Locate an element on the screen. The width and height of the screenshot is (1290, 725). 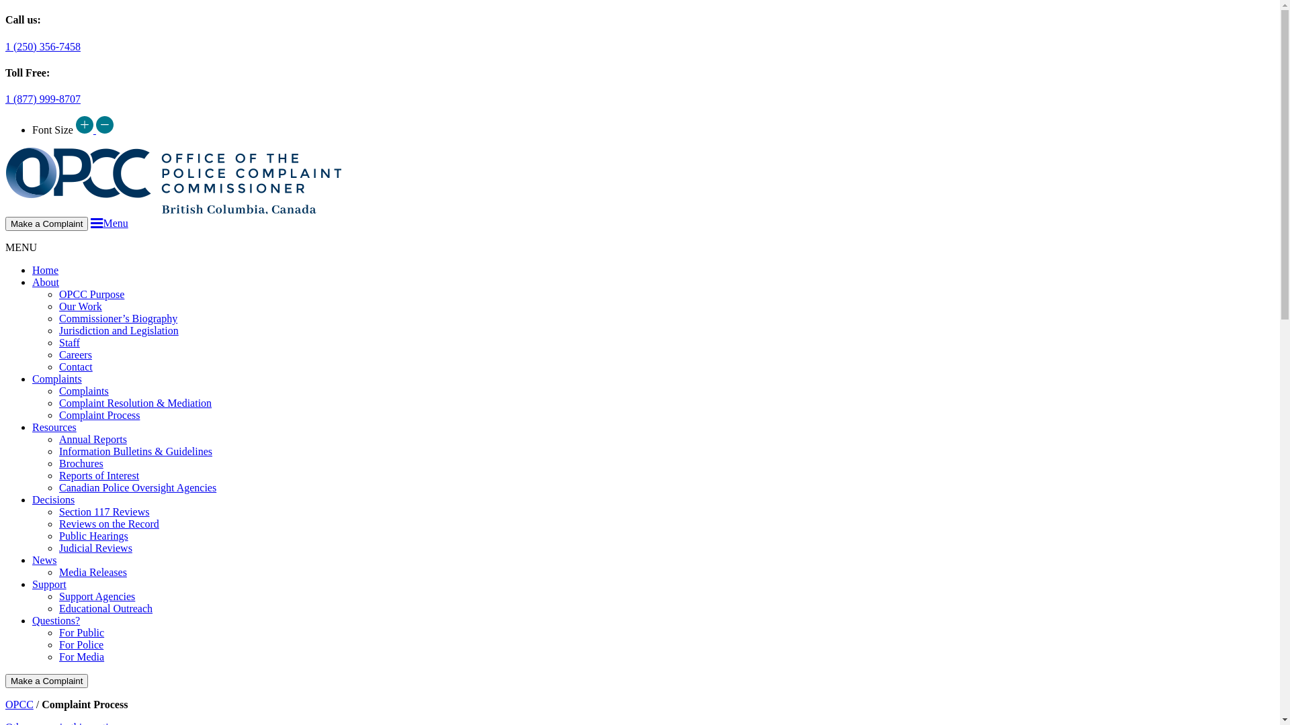
'Brochures' is located at coordinates (80, 463).